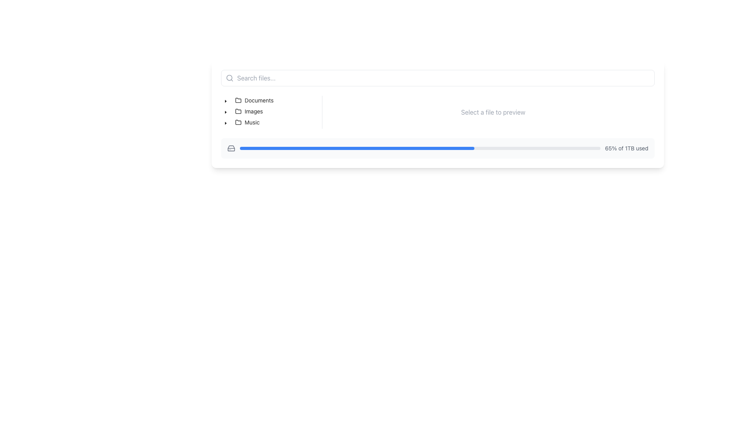 The image size is (754, 424). Describe the element at coordinates (247, 122) in the screenshot. I see `the 'Music' folder item in the file browser` at that location.